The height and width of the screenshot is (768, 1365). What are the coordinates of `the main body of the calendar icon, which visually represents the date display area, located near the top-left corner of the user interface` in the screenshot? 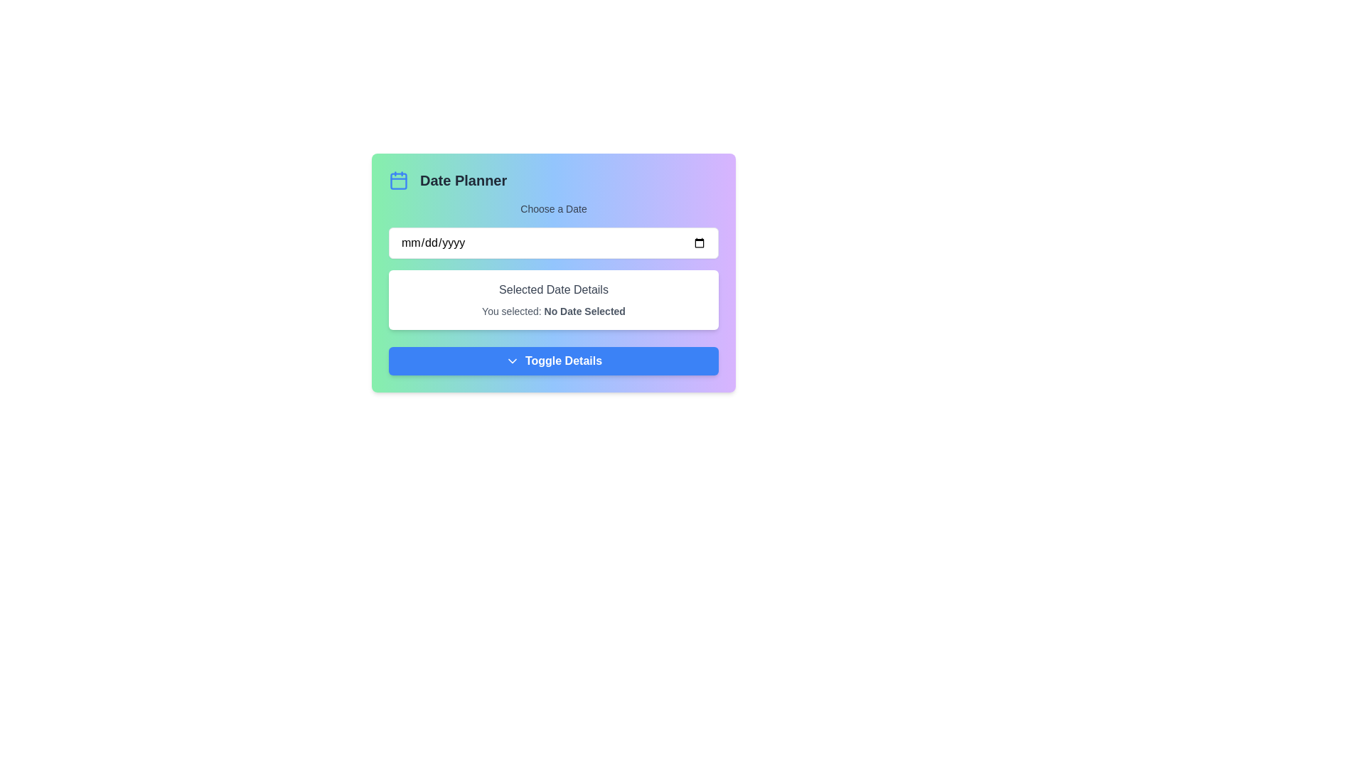 It's located at (398, 180).